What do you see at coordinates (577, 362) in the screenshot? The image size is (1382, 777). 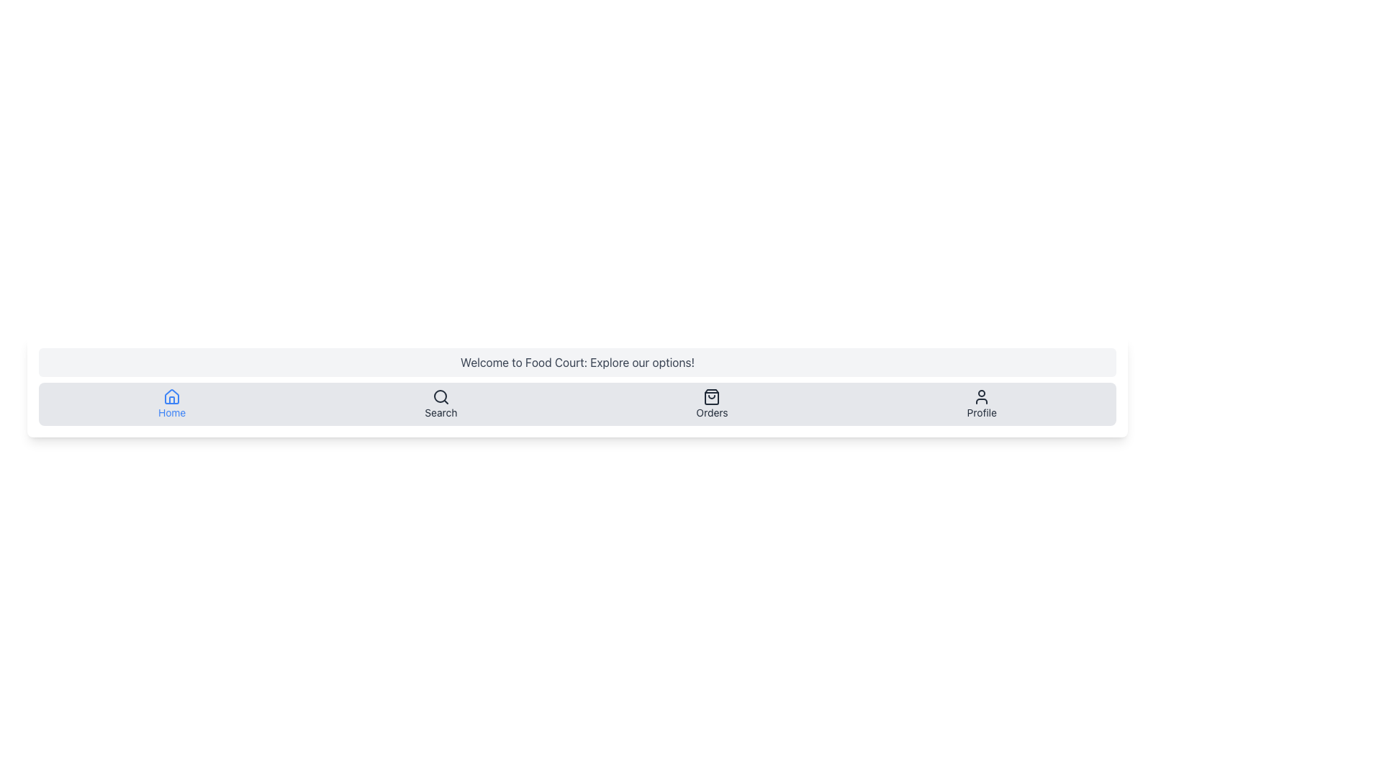 I see `the label displaying the message 'Welcome to Food Court: Explore our options!' which is styled in gray and positioned above the navigation bar` at bounding box center [577, 362].